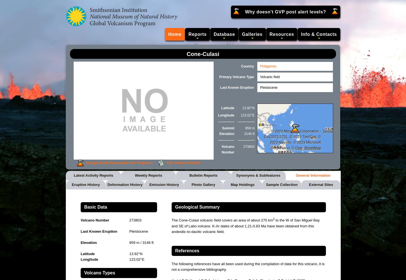 This screenshot has width=406, height=280. I want to click on 'Country', so click(241, 66).